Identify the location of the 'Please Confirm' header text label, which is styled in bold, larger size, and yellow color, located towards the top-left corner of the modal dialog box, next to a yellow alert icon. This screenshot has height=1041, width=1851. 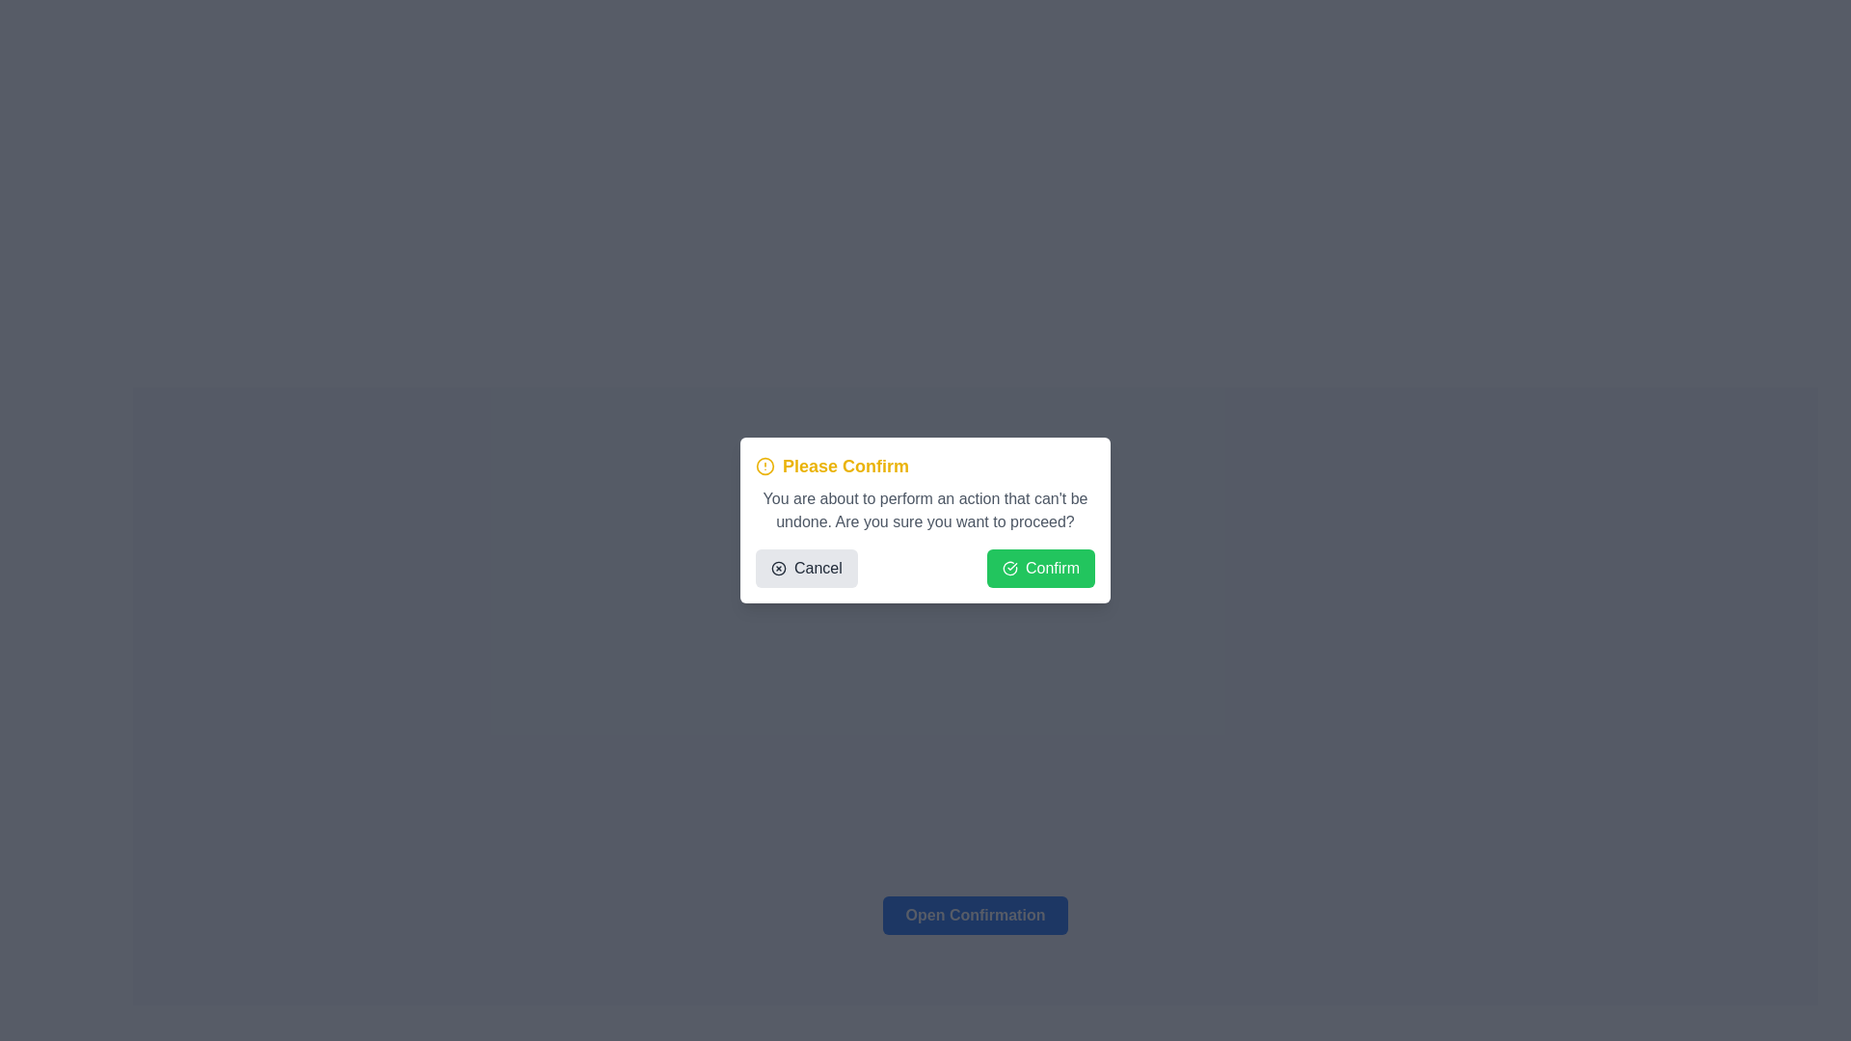
(845, 466).